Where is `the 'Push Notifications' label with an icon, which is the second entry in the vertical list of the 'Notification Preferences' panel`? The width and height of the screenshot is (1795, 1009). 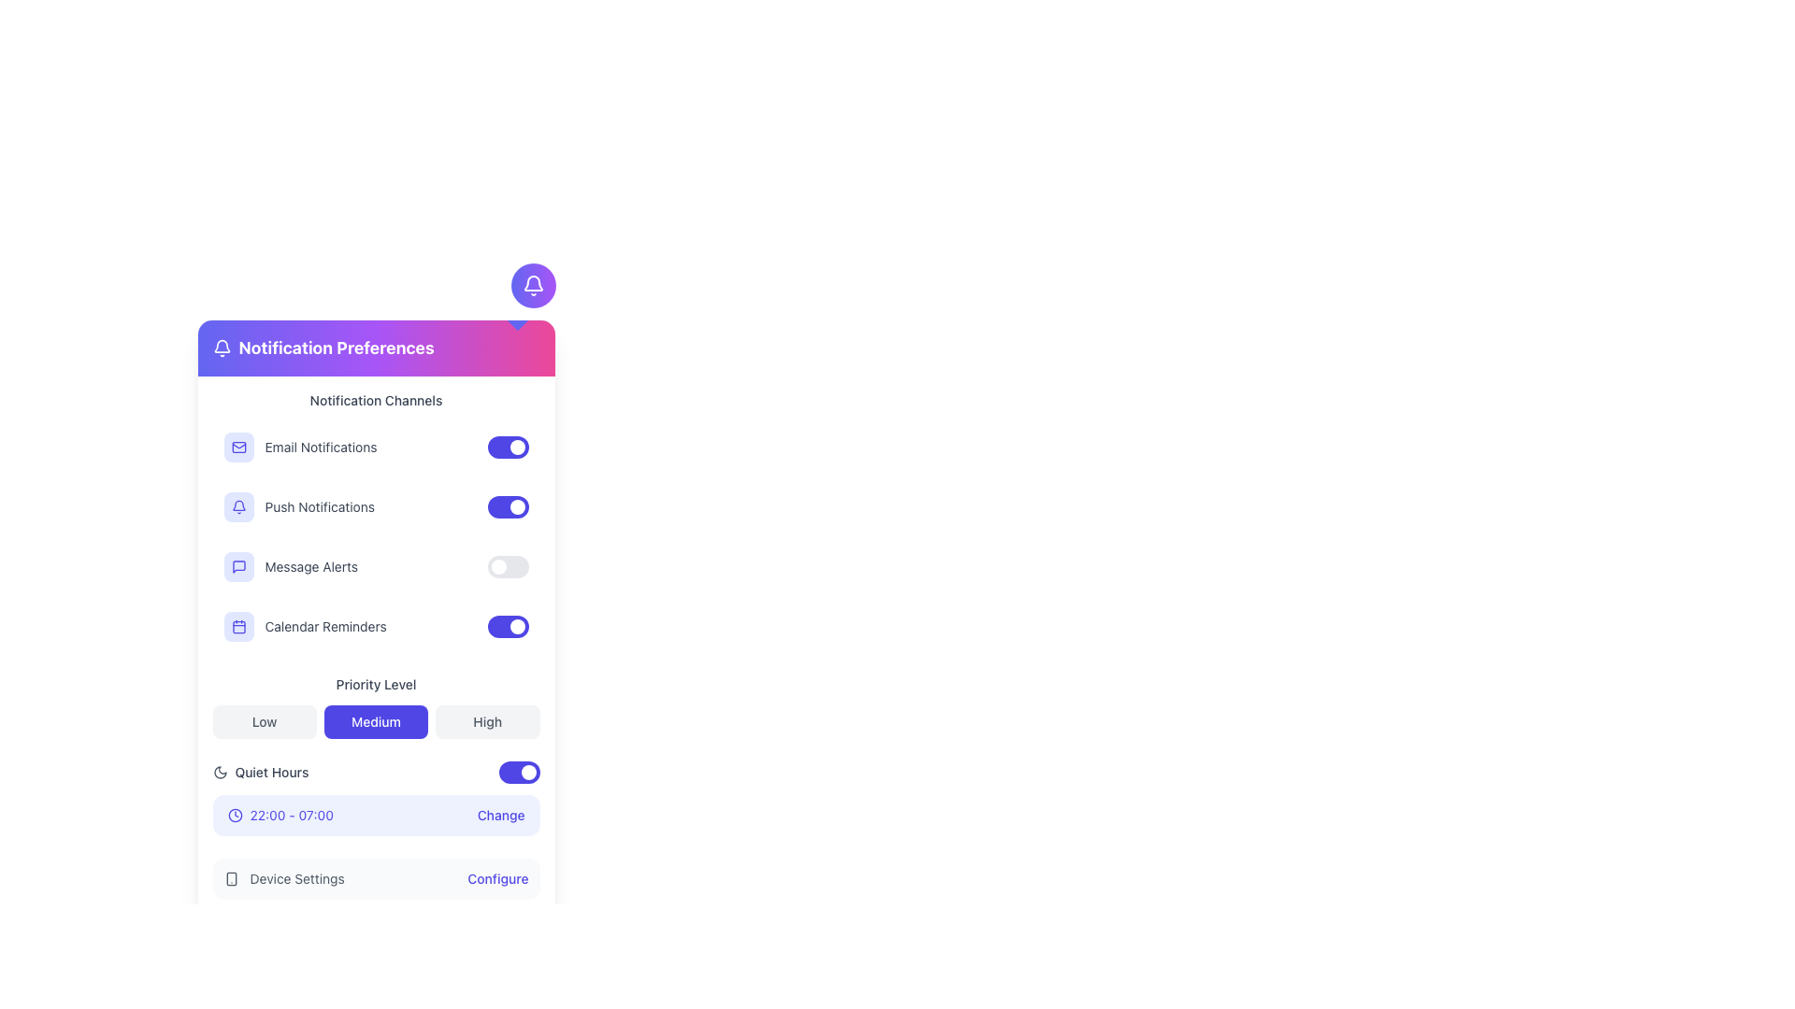 the 'Push Notifications' label with an icon, which is the second entry in the vertical list of the 'Notification Preferences' panel is located at coordinates (299, 507).